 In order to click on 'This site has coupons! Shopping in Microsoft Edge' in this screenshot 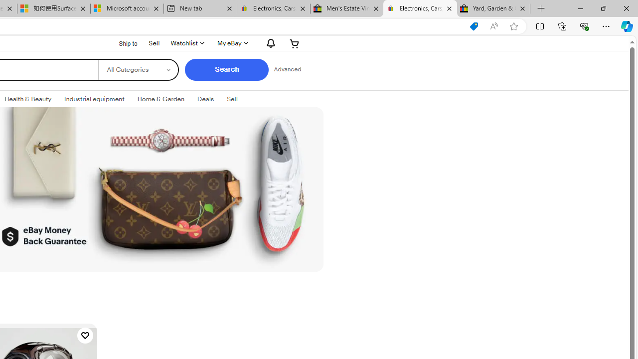, I will do `click(474, 26)`.